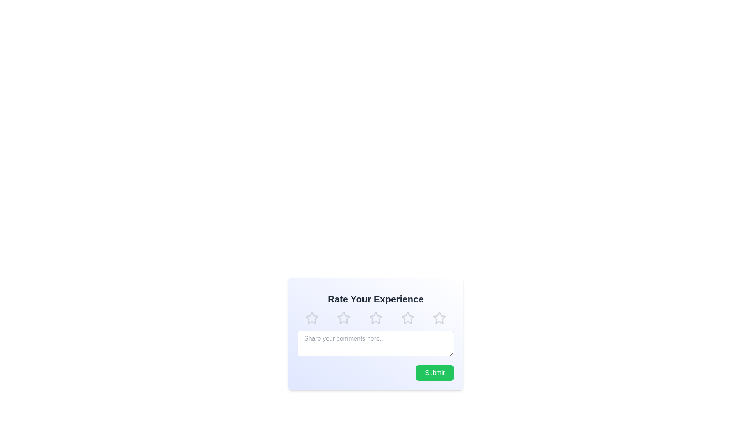 This screenshot has height=421, width=750. What do you see at coordinates (343, 318) in the screenshot?
I see `the star rating to 2 stars` at bounding box center [343, 318].